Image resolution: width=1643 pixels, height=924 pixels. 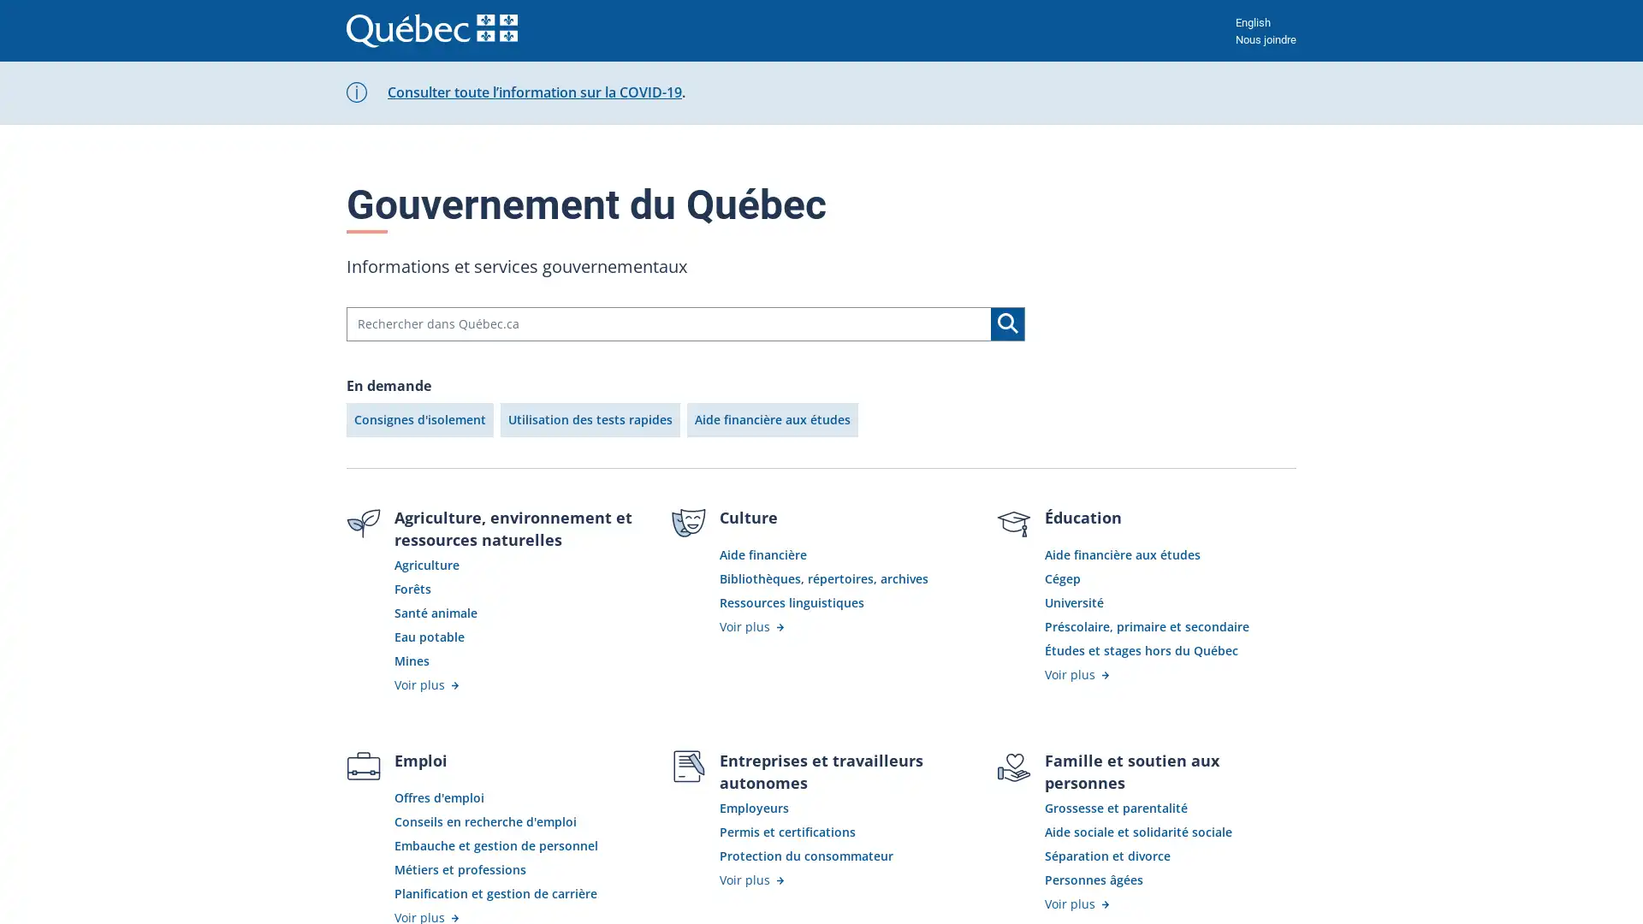 I want to click on Recherche, so click(x=1007, y=323).